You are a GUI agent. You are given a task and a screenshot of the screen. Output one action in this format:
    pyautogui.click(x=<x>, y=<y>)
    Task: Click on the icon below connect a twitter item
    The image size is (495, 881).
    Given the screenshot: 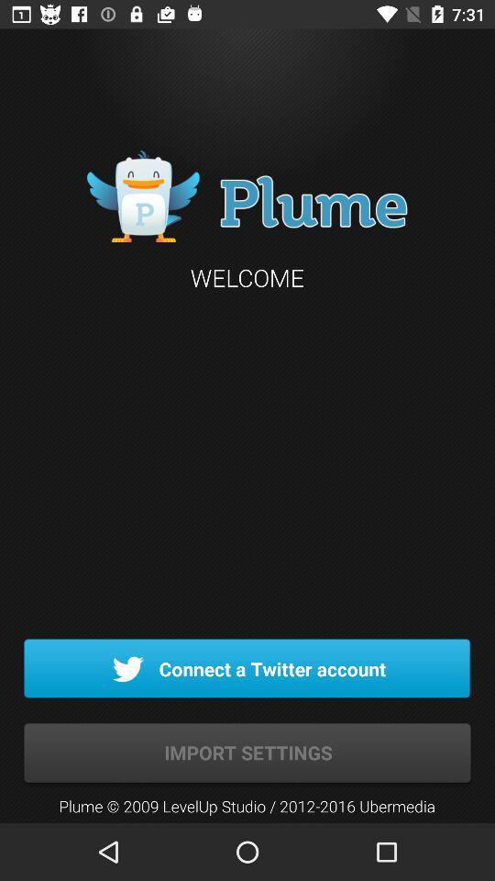 What is the action you would take?
    pyautogui.click(x=247, y=753)
    